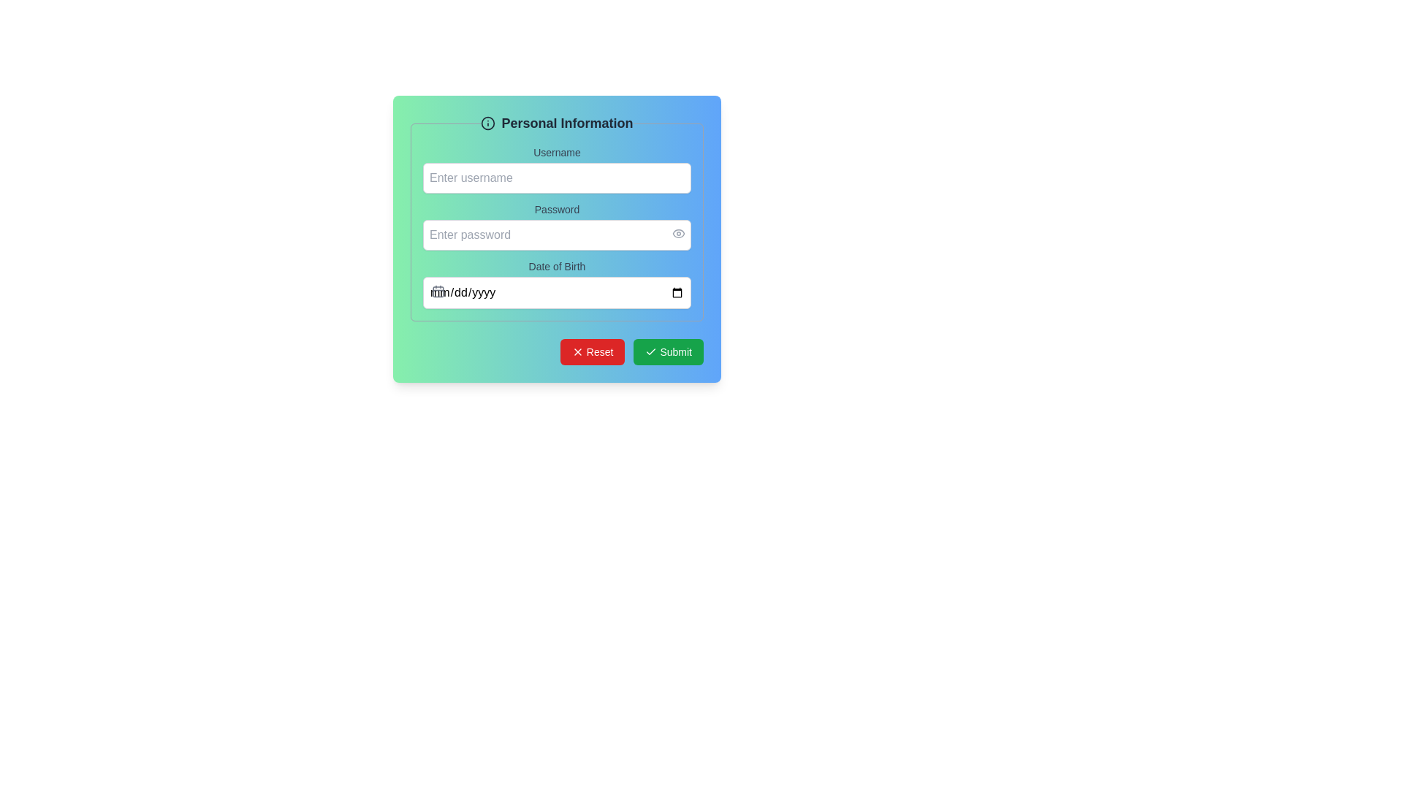 The height and width of the screenshot is (789, 1403). I want to click on the circular SVG graphics component located above the 'Personal Information' header in the form, so click(488, 123).